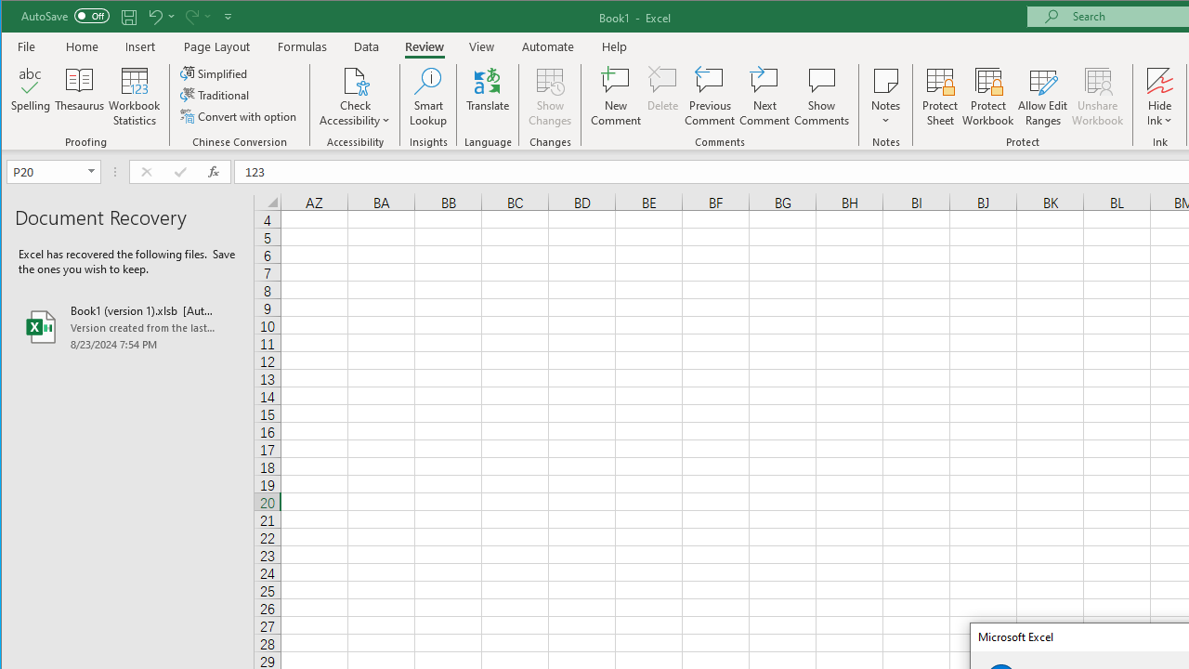 The width and height of the screenshot is (1189, 669). I want to click on 'Traditional', so click(216, 95).